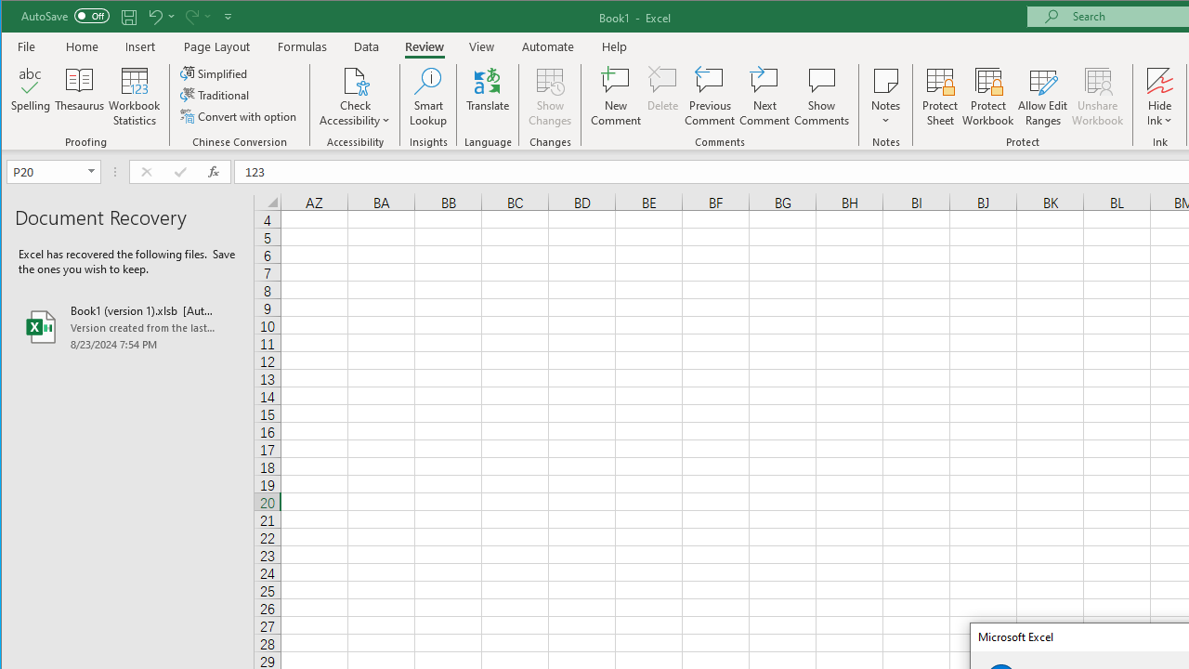 The width and height of the screenshot is (1189, 669). I want to click on 'Traditional', so click(216, 95).